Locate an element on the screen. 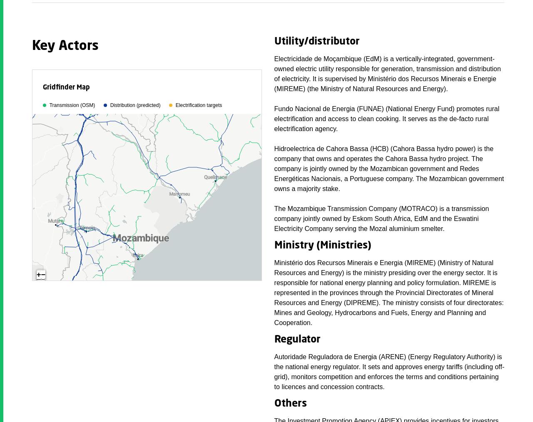  'Utility/distributor' is located at coordinates (316, 41).